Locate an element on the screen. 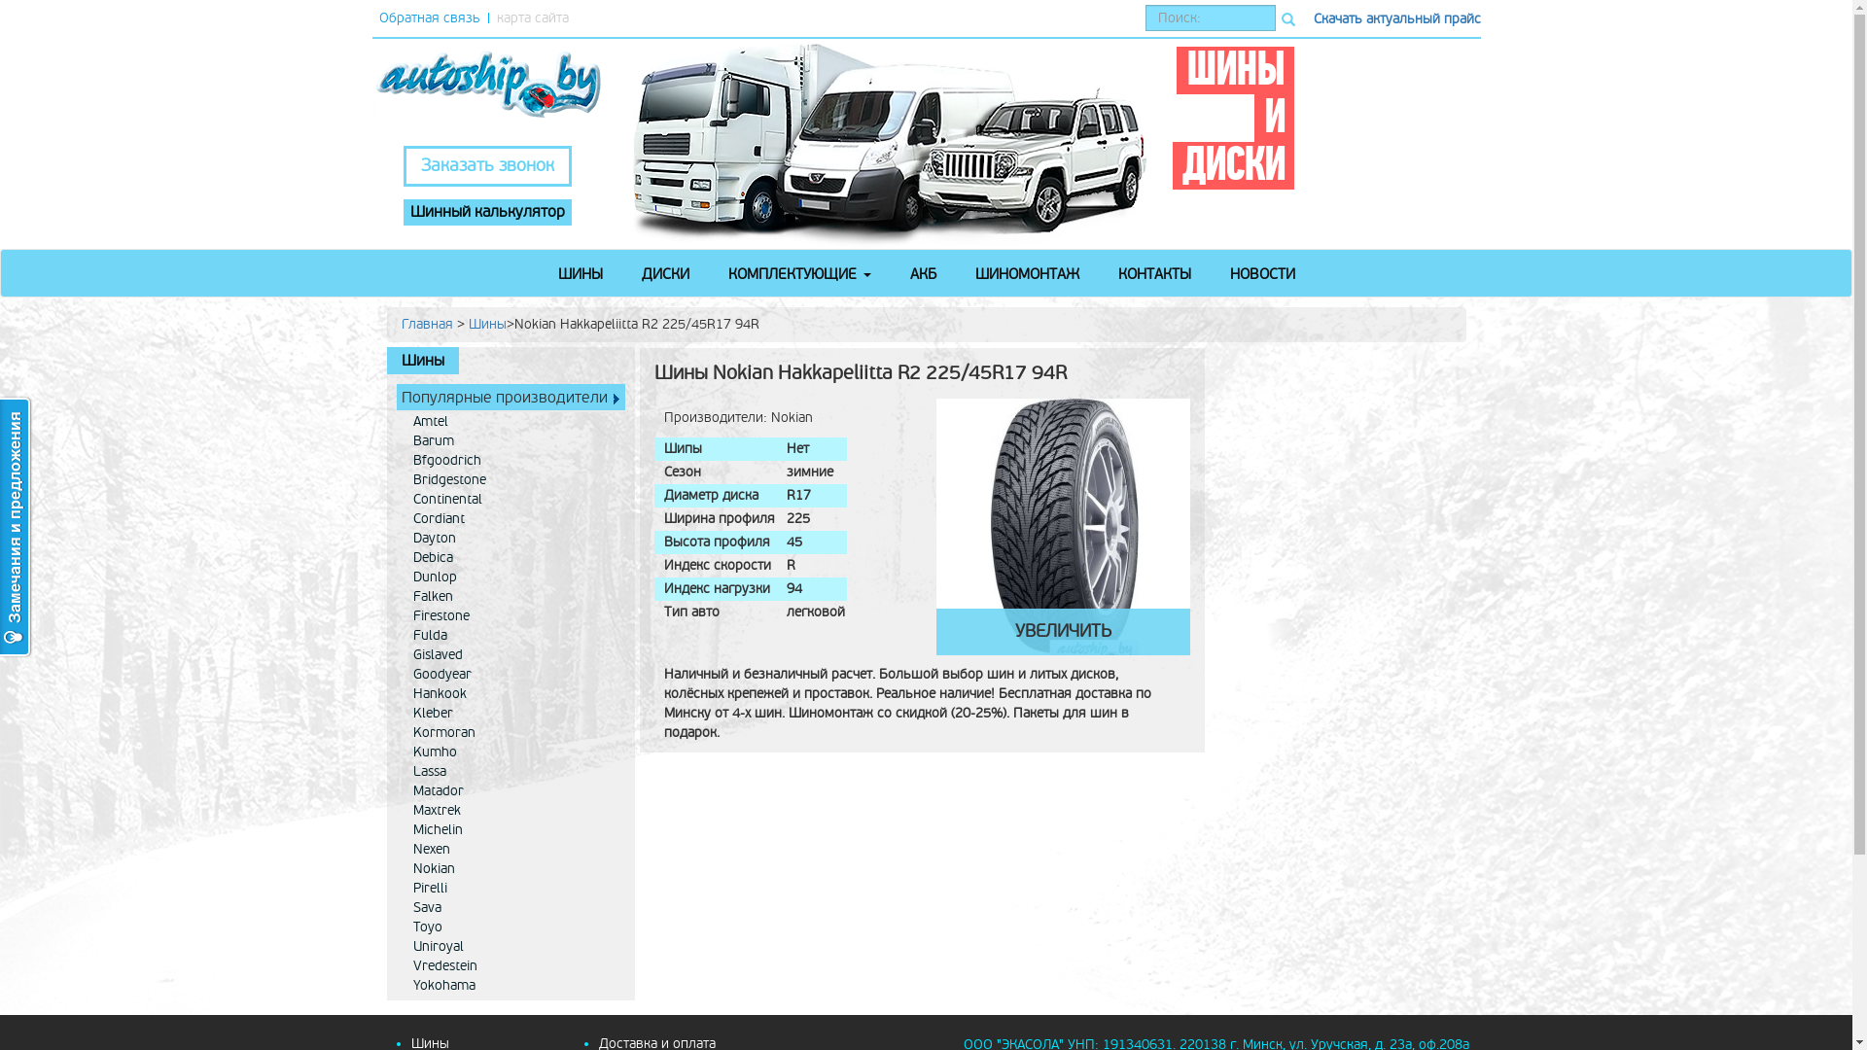 The width and height of the screenshot is (1867, 1050). 'Kleber' is located at coordinates (513, 713).